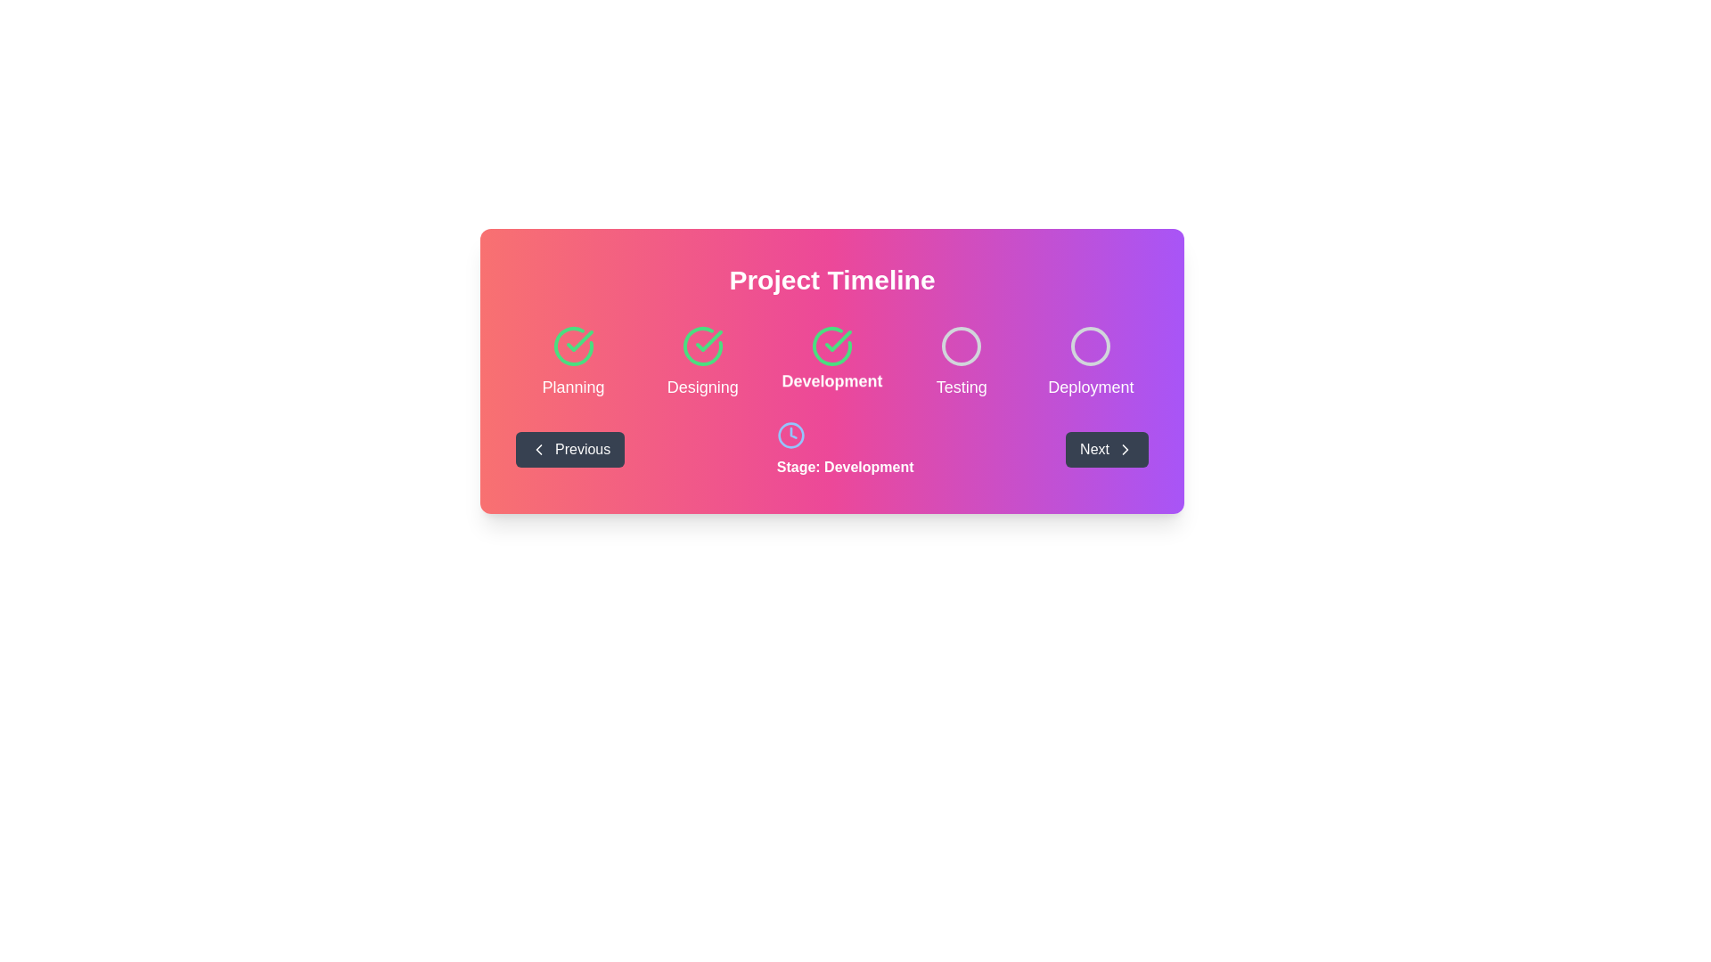  I want to click on the 'Planning' status icon, so click(573, 346).